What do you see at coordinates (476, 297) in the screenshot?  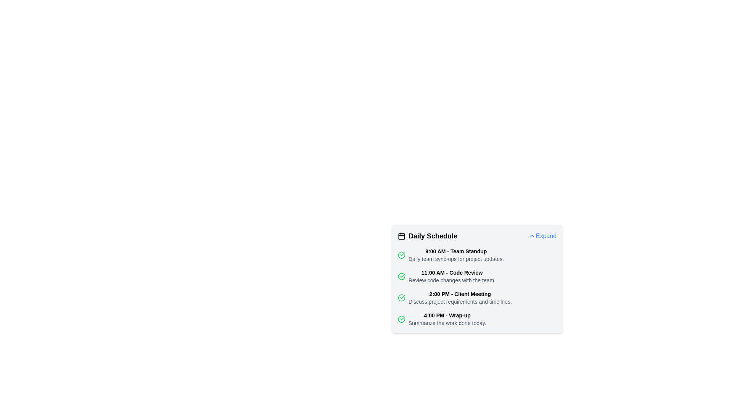 I see `the third list item in the Daily Schedule, which provides details of a meeting event` at bounding box center [476, 297].